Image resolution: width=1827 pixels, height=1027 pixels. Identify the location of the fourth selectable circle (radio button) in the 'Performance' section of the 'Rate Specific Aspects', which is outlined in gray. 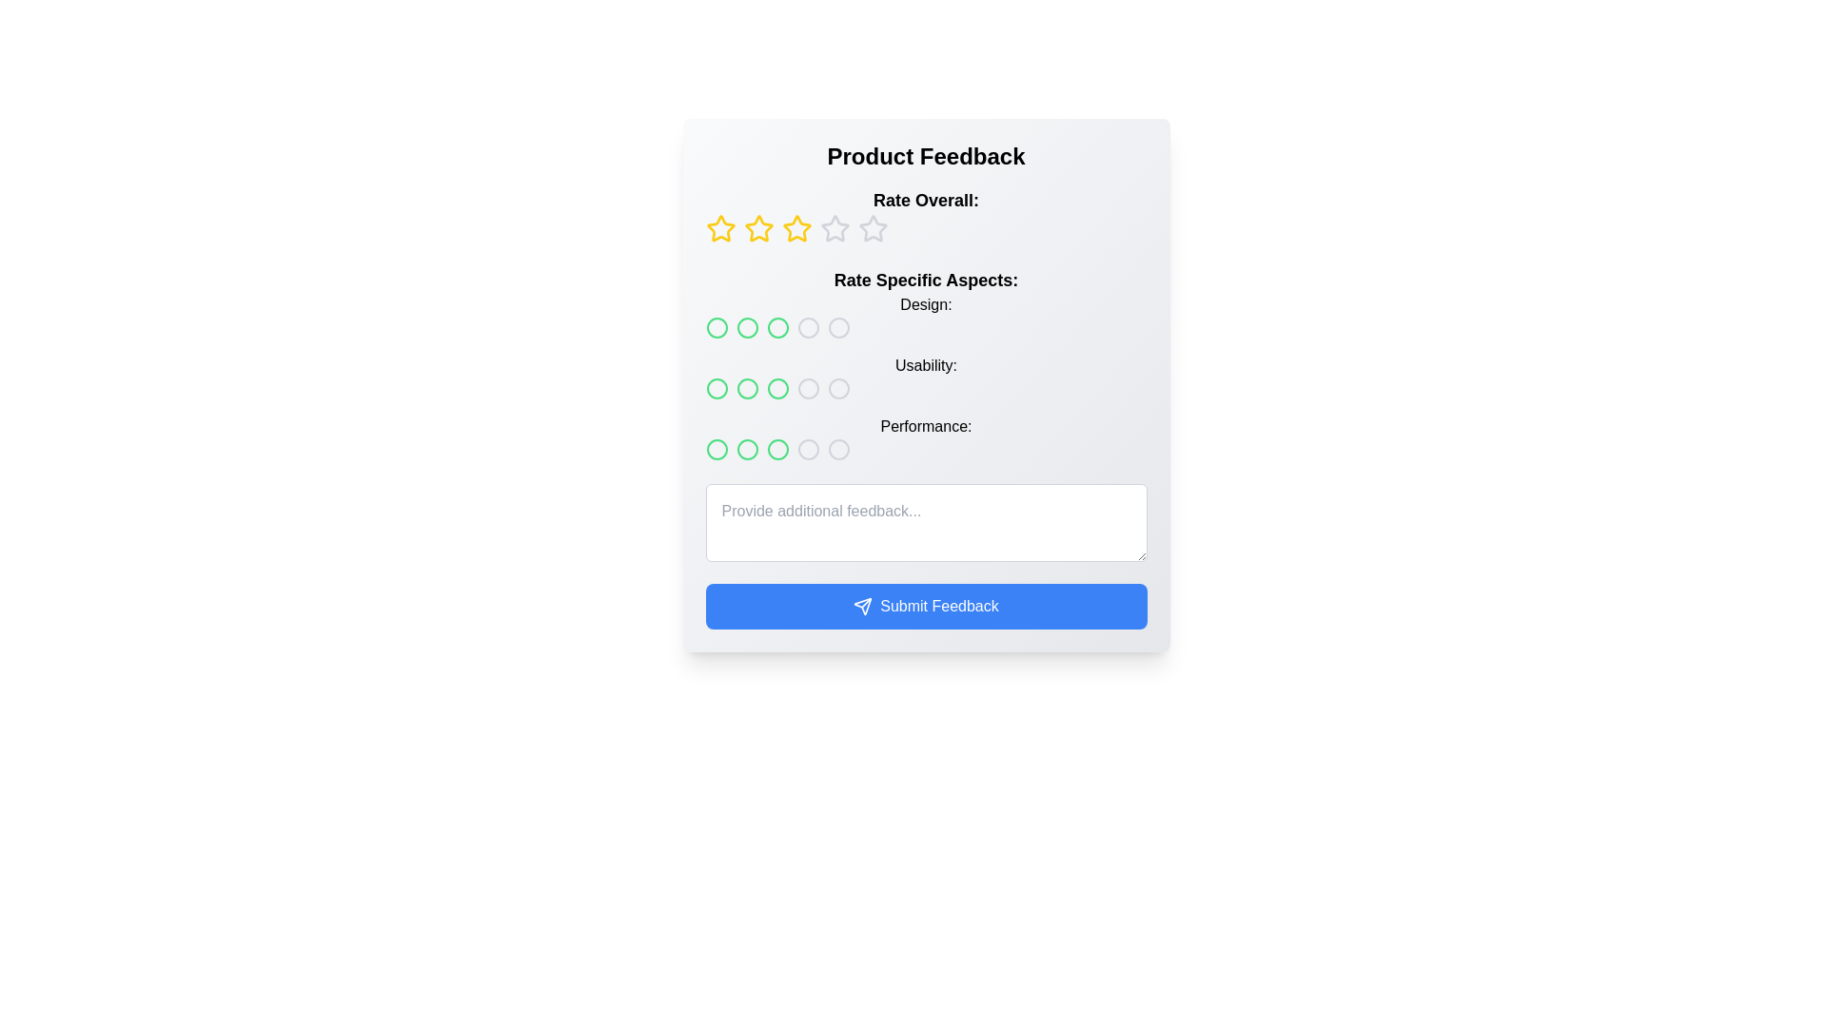
(808, 450).